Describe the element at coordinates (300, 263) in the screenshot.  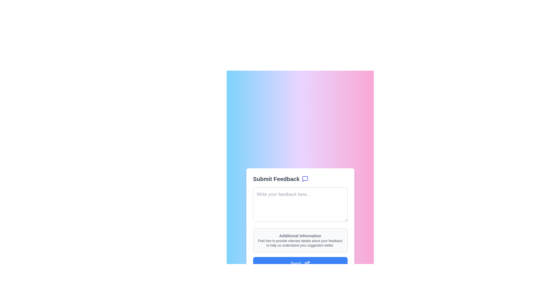
I see `the blue 'Send' button with rounded corners at the bottom of the feedback form` at that location.